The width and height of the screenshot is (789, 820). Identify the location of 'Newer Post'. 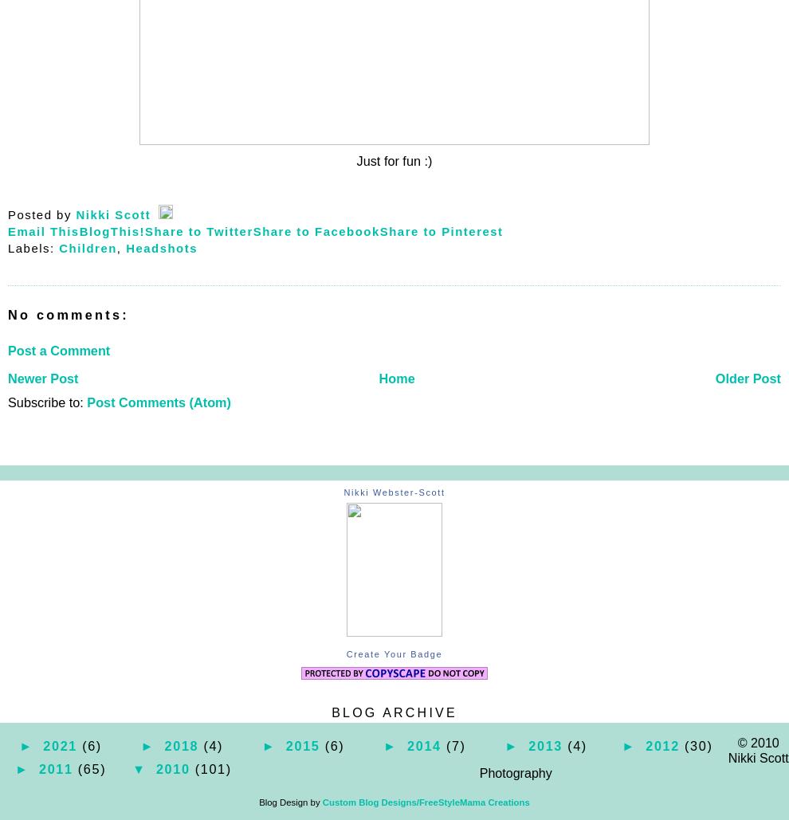
(42, 377).